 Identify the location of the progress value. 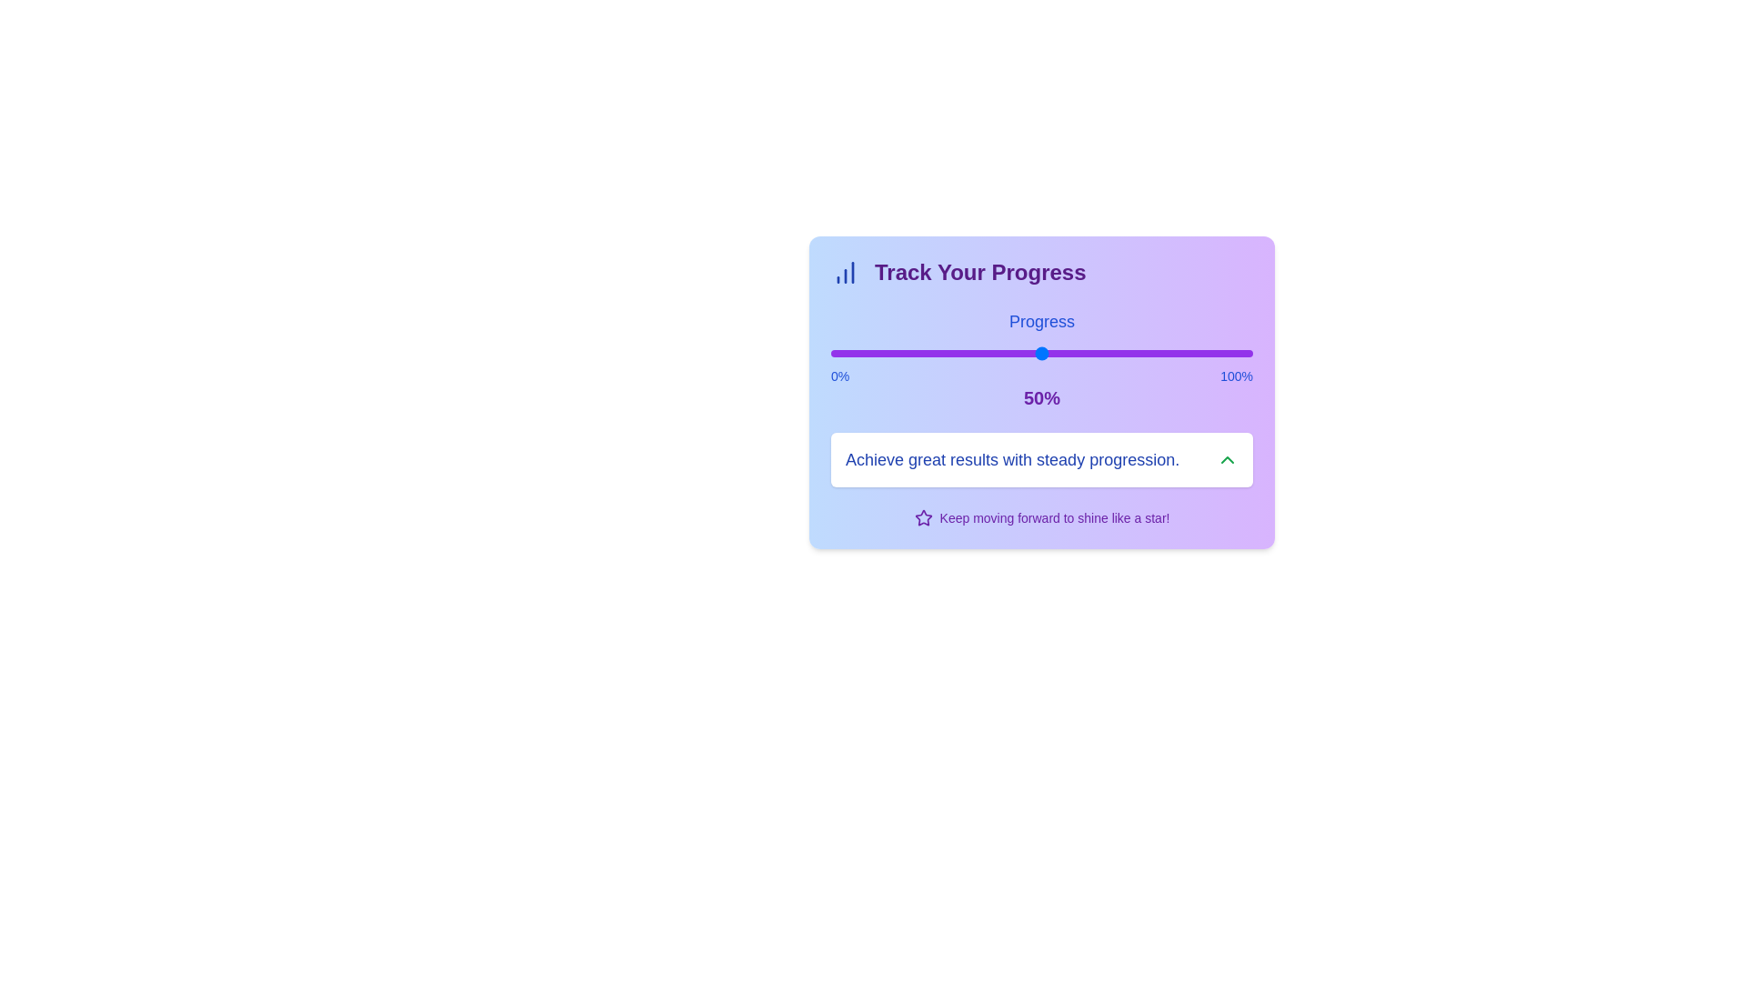
(1076, 354).